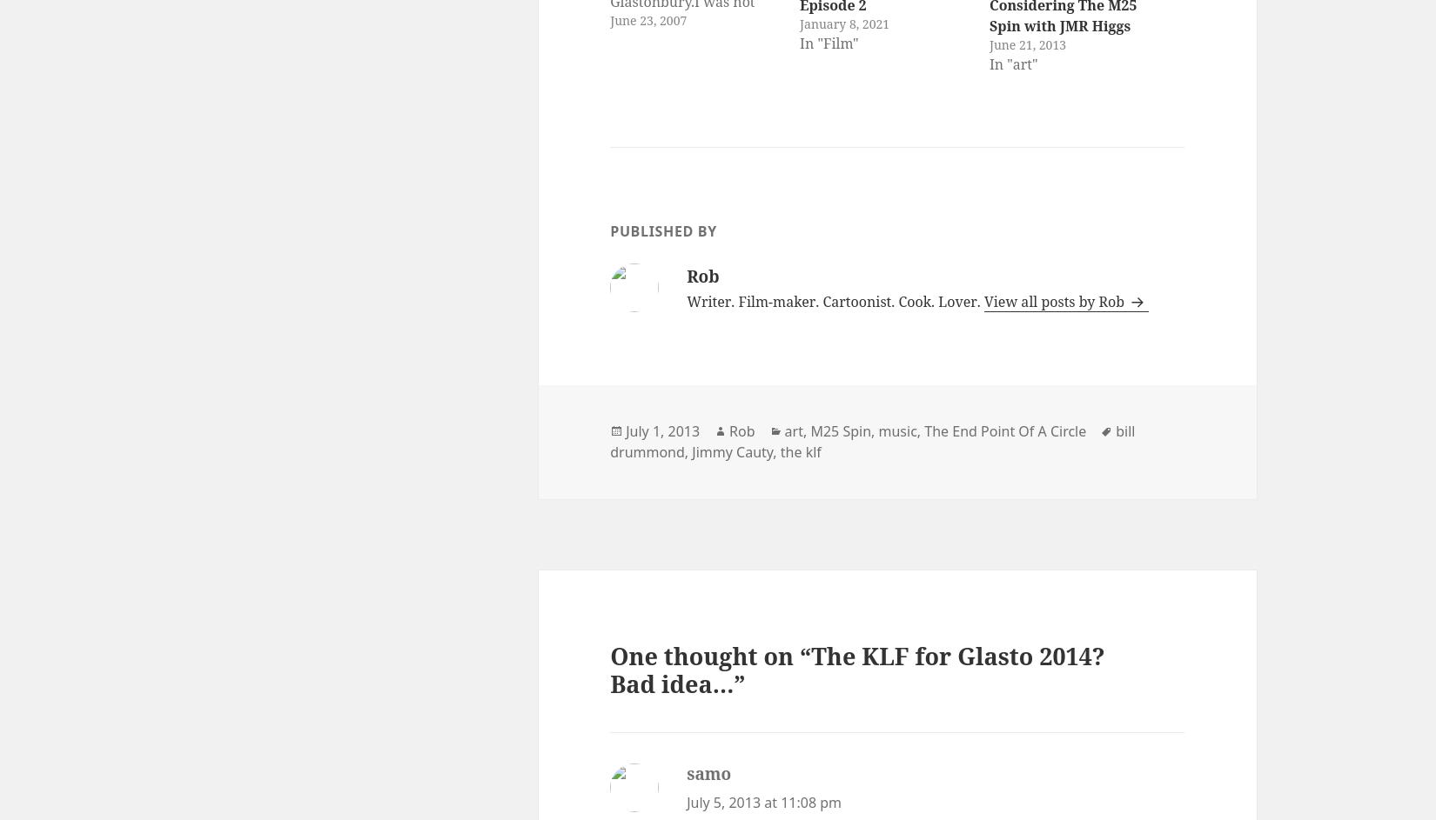  Describe the element at coordinates (608, 440) in the screenshot. I see `'bill drummond'` at that location.